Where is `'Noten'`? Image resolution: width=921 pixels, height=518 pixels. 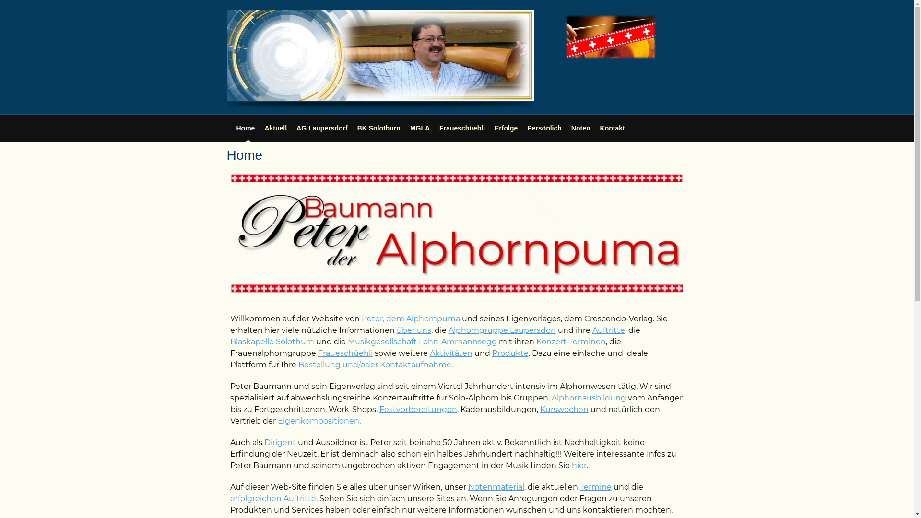
'Noten' is located at coordinates (571, 127).